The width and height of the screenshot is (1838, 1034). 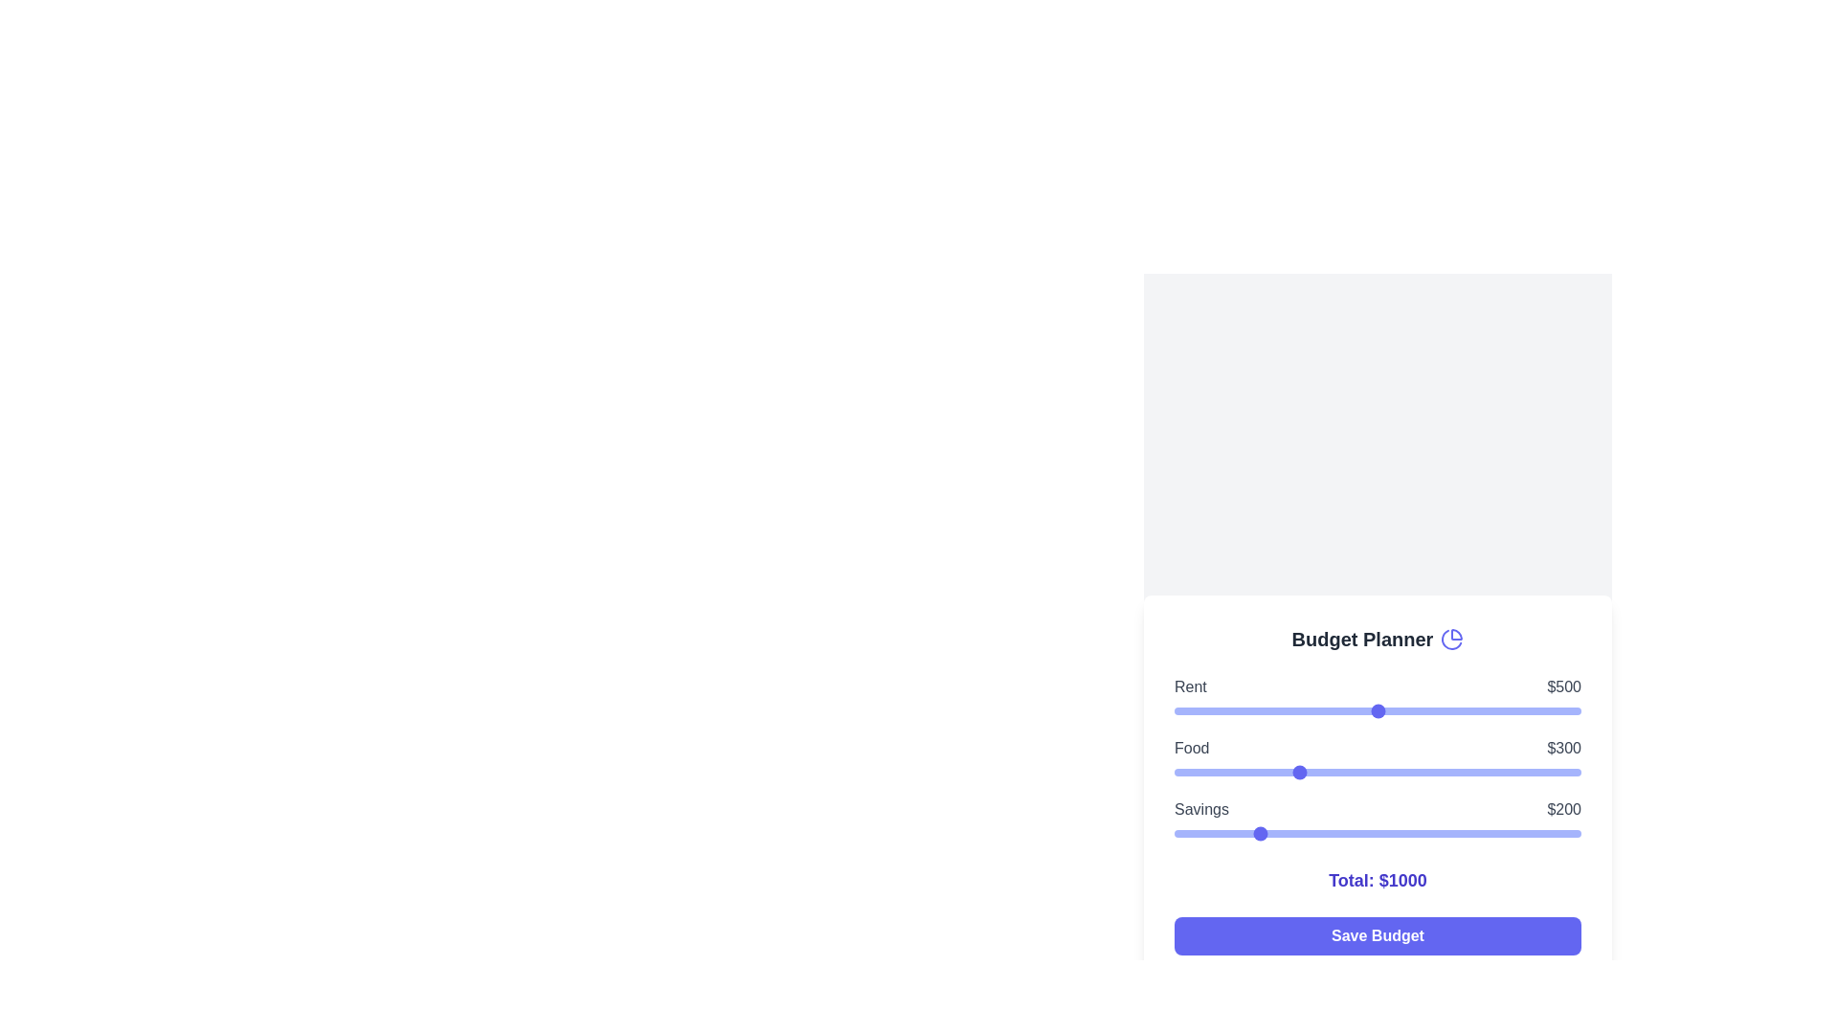 What do you see at coordinates (1455, 833) in the screenshot?
I see `the savings slider to 693` at bounding box center [1455, 833].